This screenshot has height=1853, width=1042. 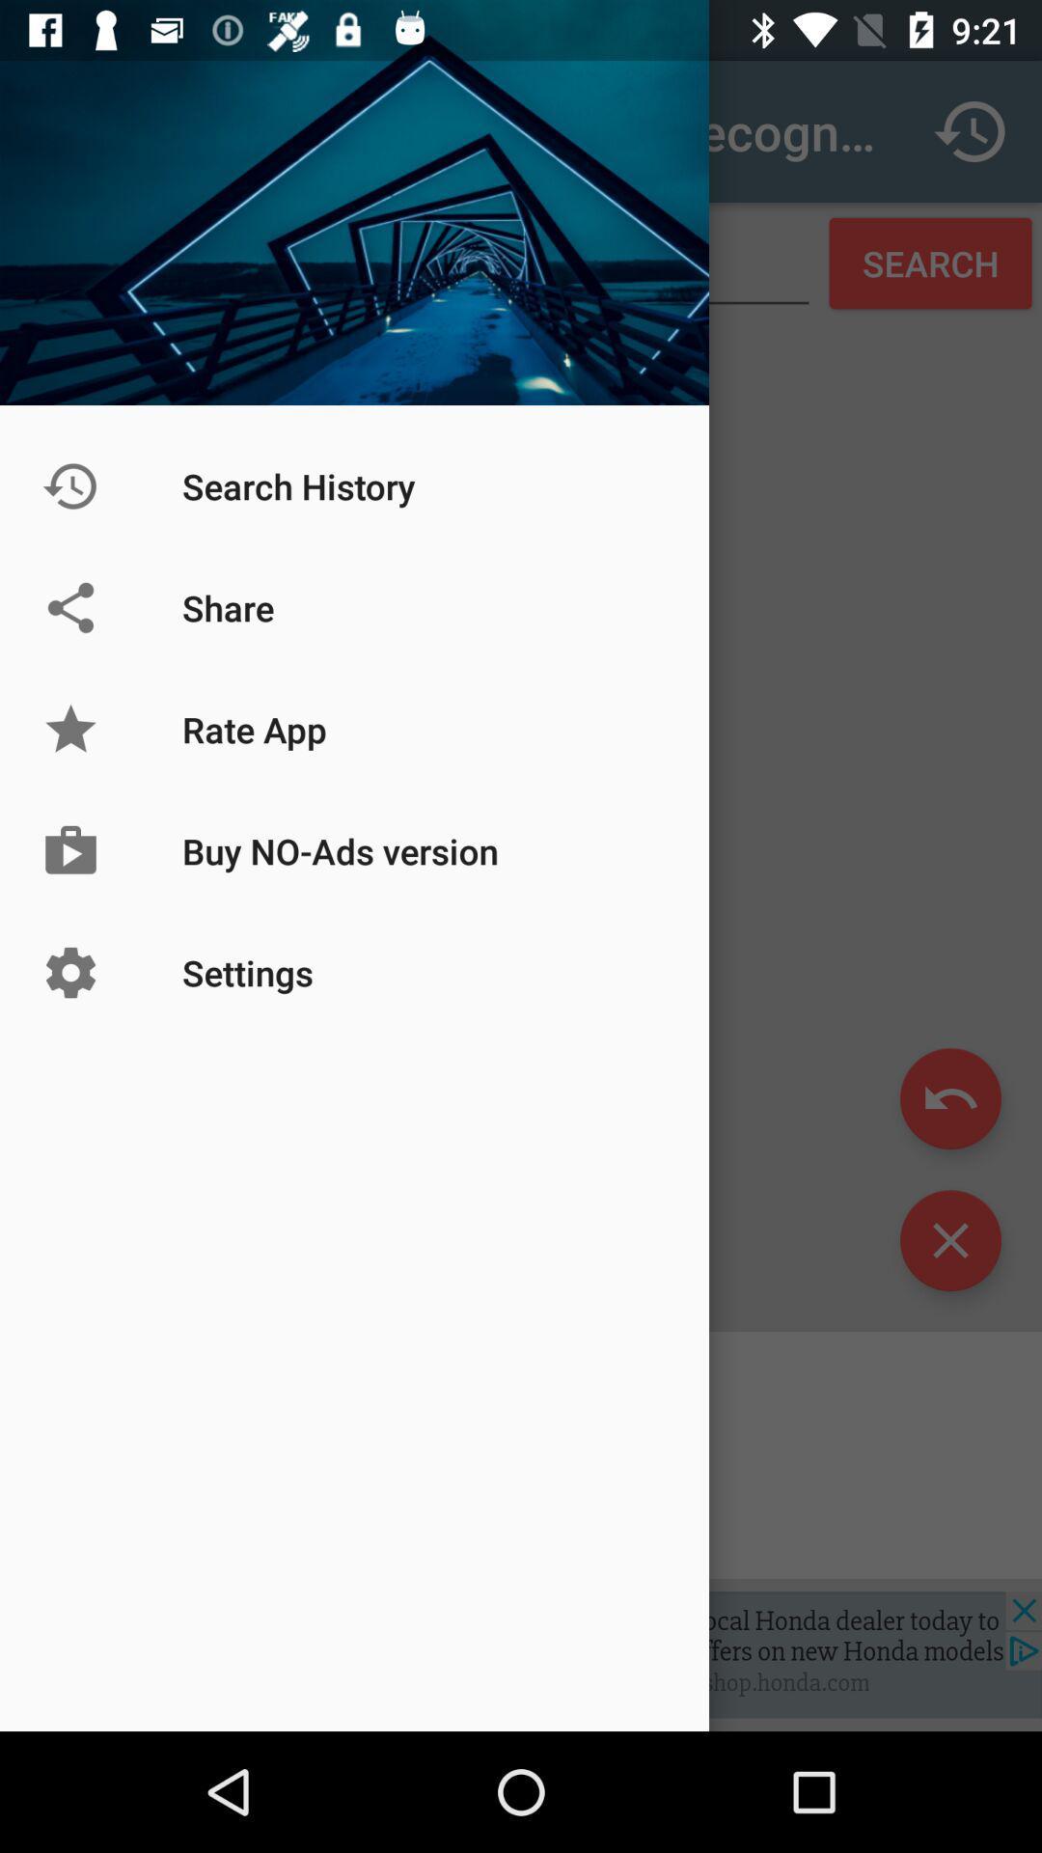 What do you see at coordinates (949, 1240) in the screenshot?
I see `the close icon` at bounding box center [949, 1240].